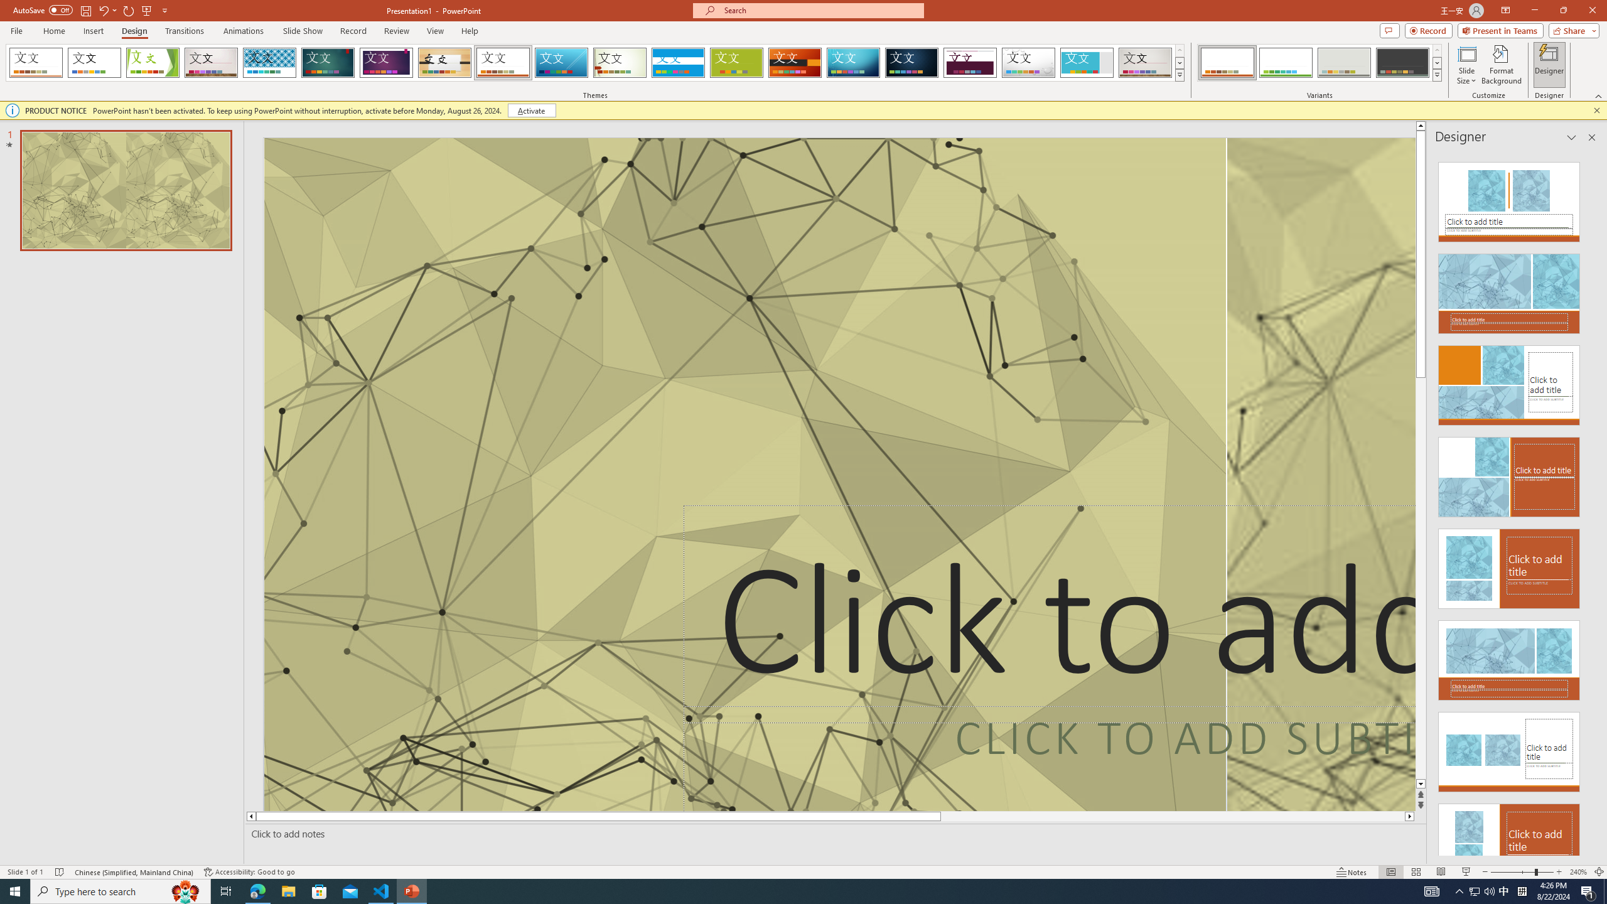 The height and width of the screenshot is (904, 1607). I want to click on 'Class: NetUIScrollBar', so click(1590, 503).